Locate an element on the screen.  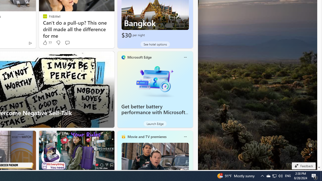
'Launch Edge' is located at coordinates (155, 124).